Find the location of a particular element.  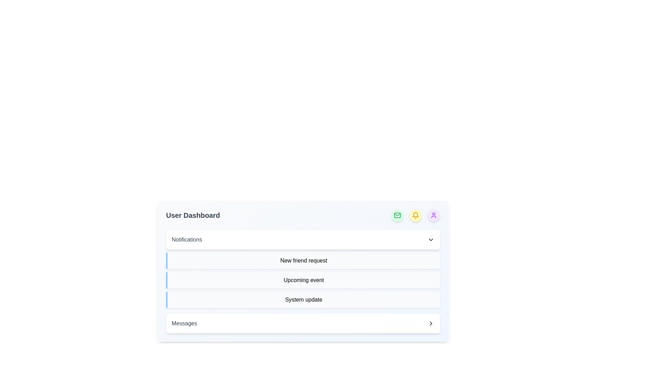

the Chevron Arrow icon located at the rightmost section of a functional component in the dashboard is located at coordinates (430, 323).